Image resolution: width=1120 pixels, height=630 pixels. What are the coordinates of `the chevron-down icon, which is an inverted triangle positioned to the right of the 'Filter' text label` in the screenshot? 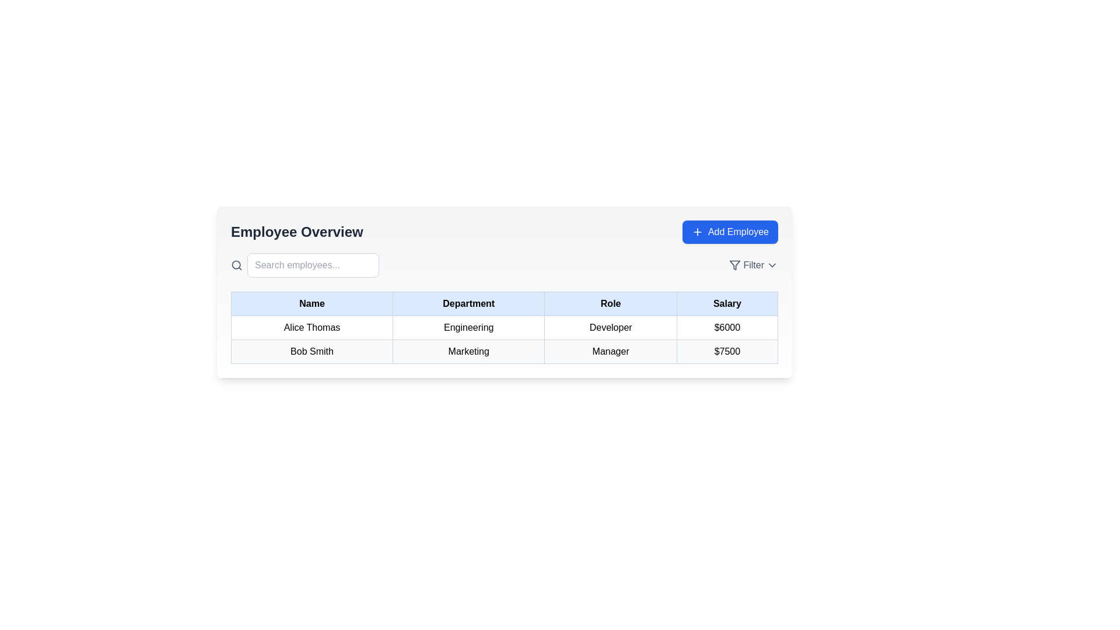 It's located at (772, 265).